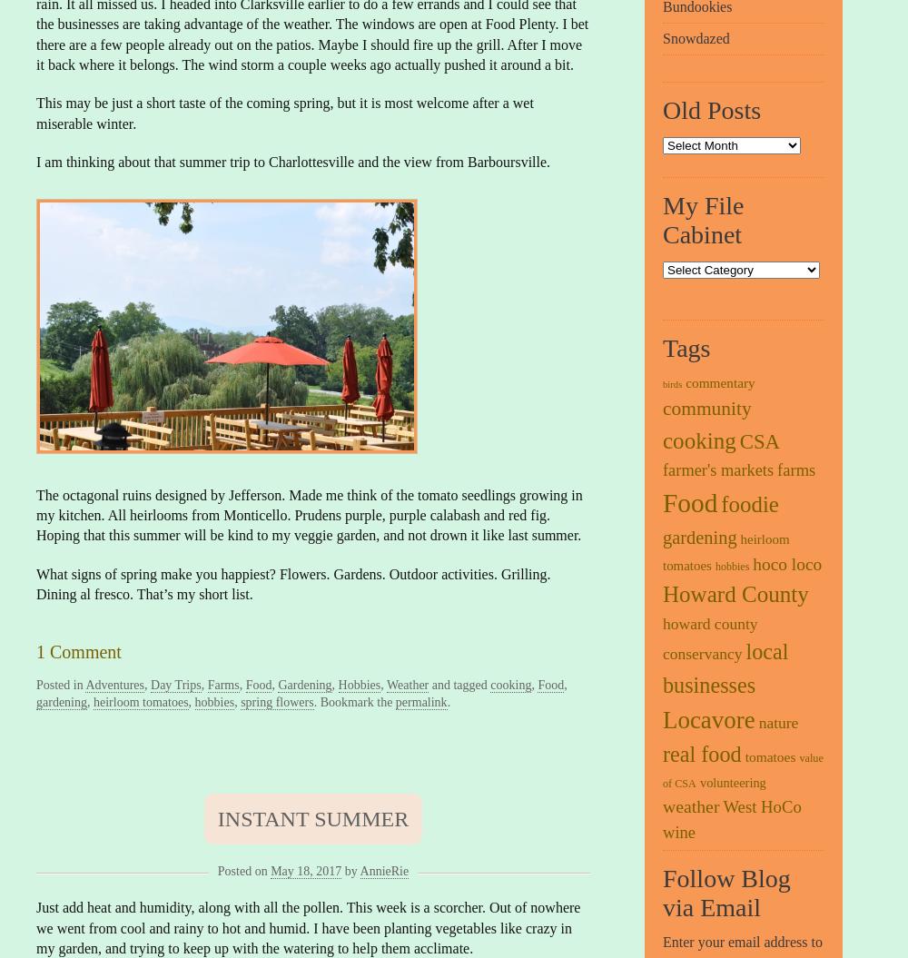  I want to click on 'May 18, 2017', so click(271, 870).